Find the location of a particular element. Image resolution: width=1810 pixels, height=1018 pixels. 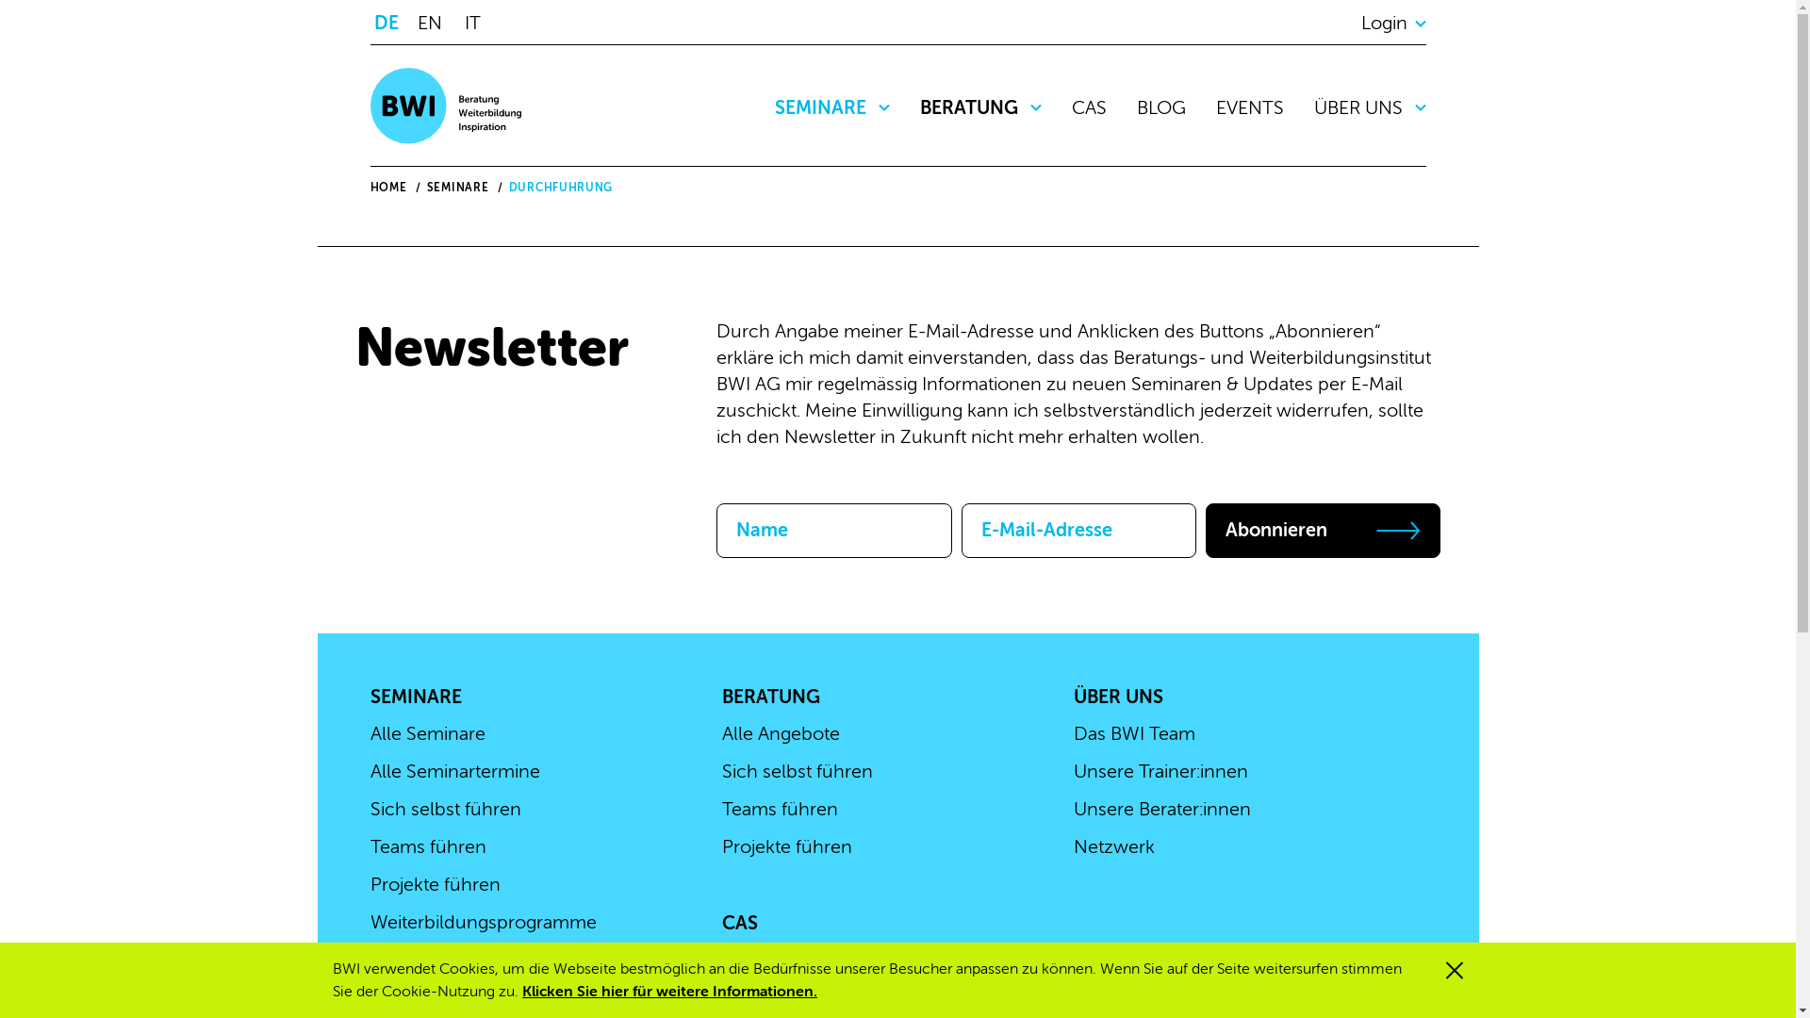

'Alle Seminartermine' is located at coordinates (370, 771).